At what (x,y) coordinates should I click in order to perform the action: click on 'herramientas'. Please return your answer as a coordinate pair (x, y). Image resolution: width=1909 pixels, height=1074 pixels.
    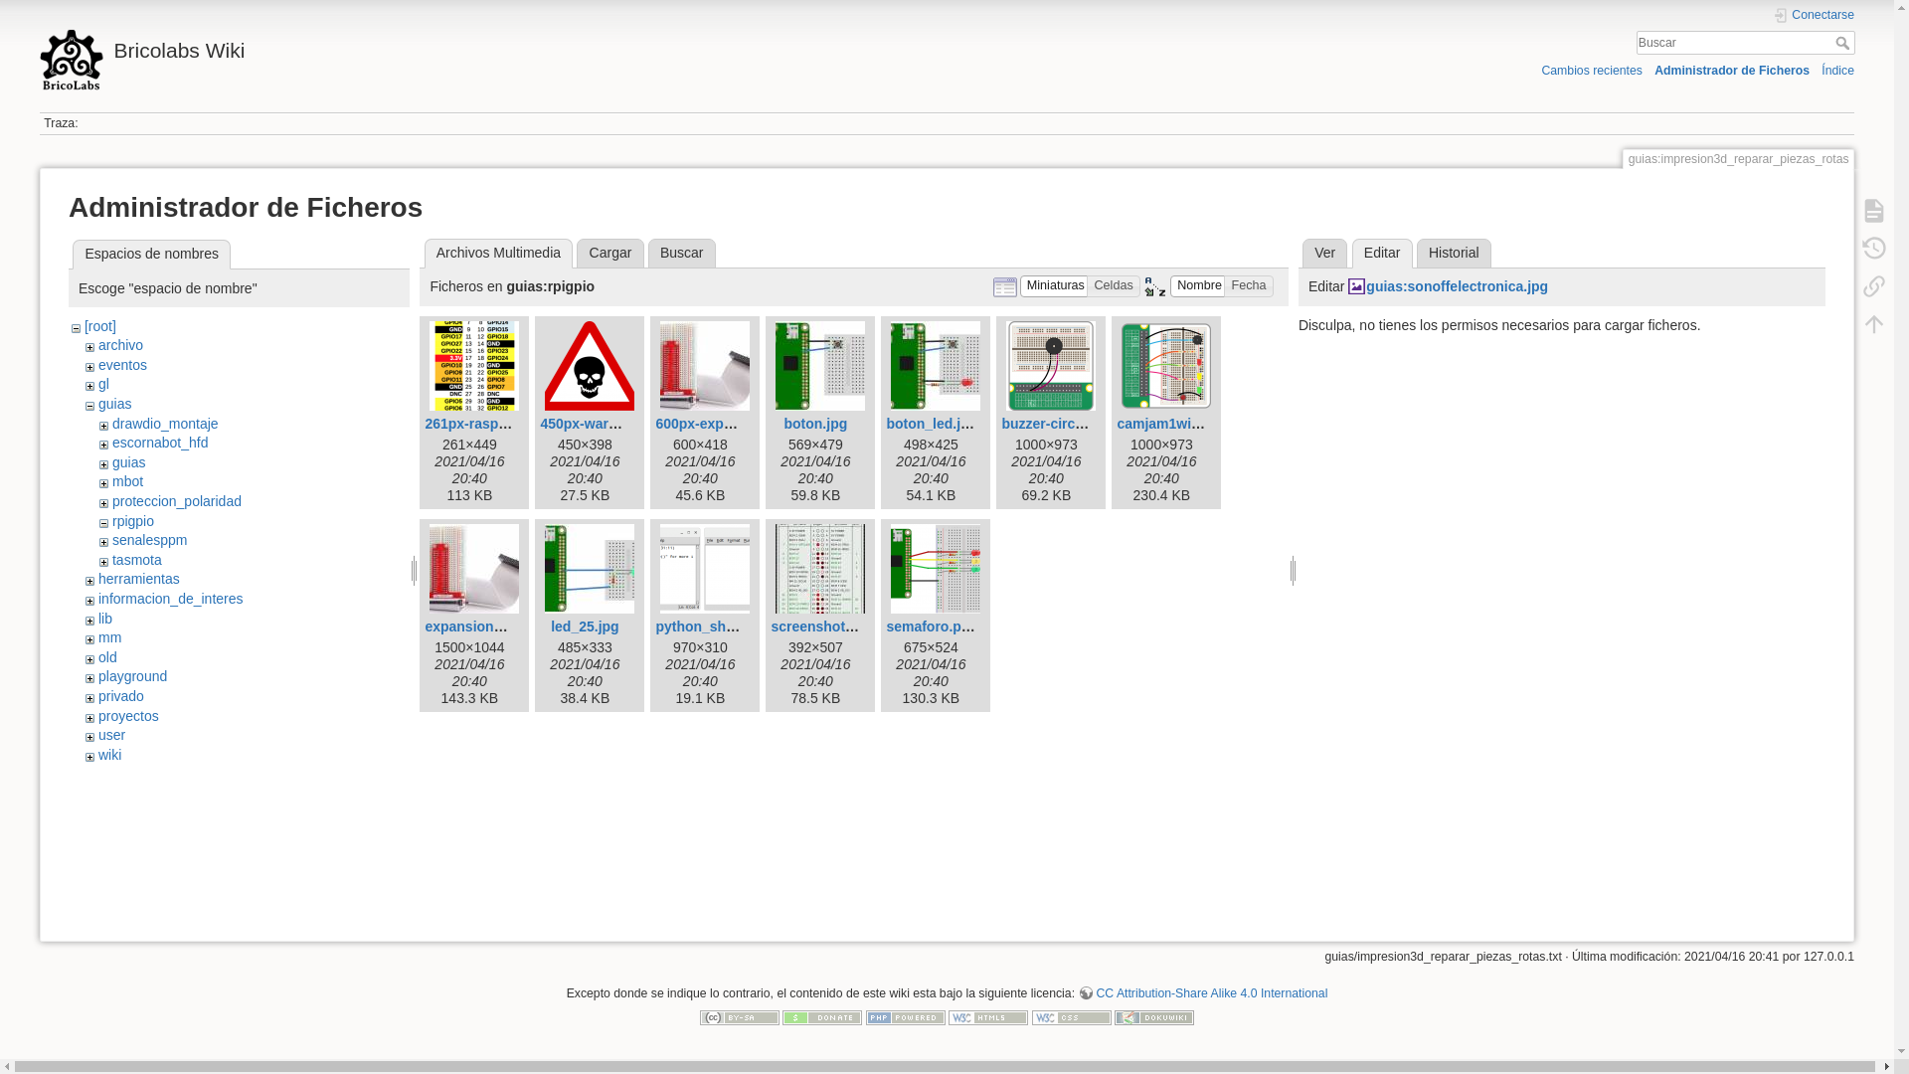
    Looking at the image, I should click on (97, 579).